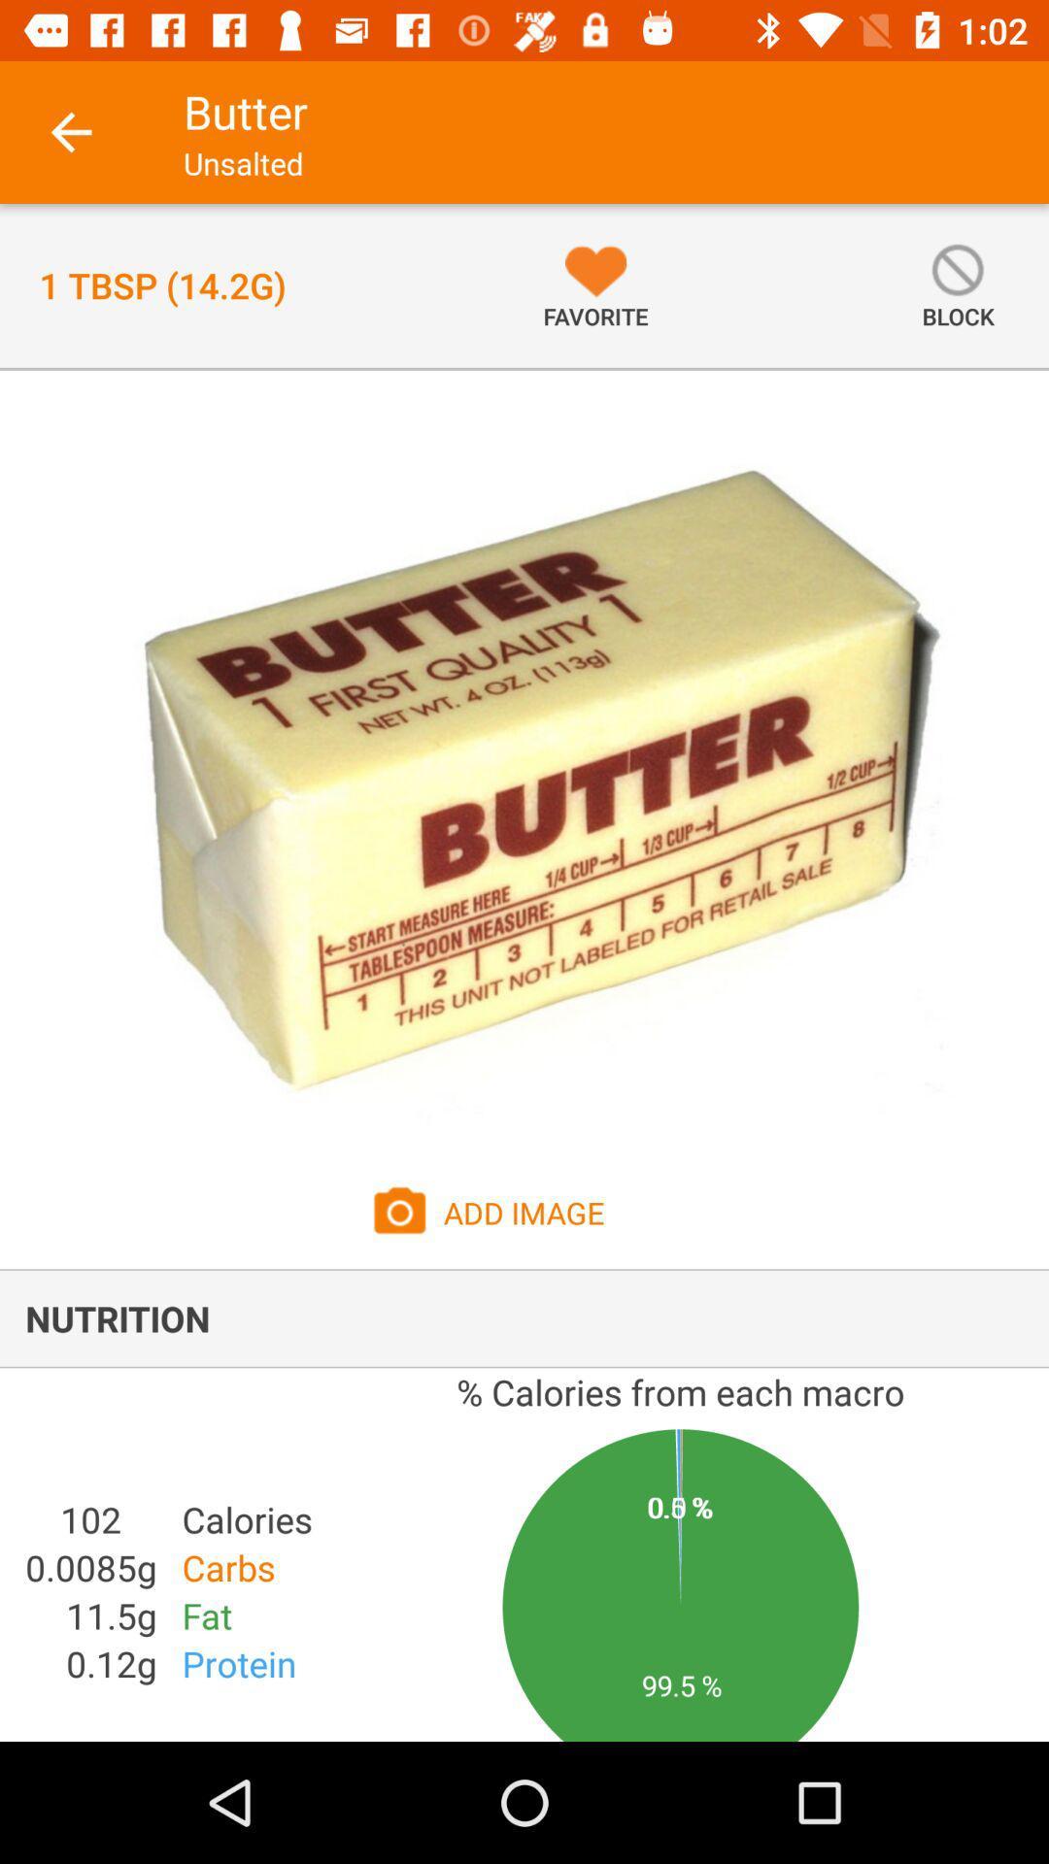  I want to click on the item at the top right corner, so click(957, 284).